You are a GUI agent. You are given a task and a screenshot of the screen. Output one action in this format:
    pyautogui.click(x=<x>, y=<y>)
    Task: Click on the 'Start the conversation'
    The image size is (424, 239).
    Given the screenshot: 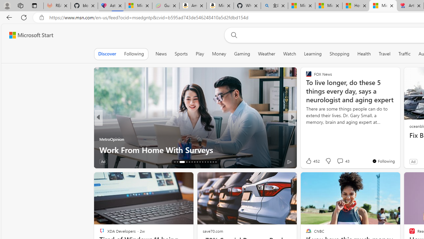 What is the action you would take?
    pyautogui.click(x=336, y=161)
    